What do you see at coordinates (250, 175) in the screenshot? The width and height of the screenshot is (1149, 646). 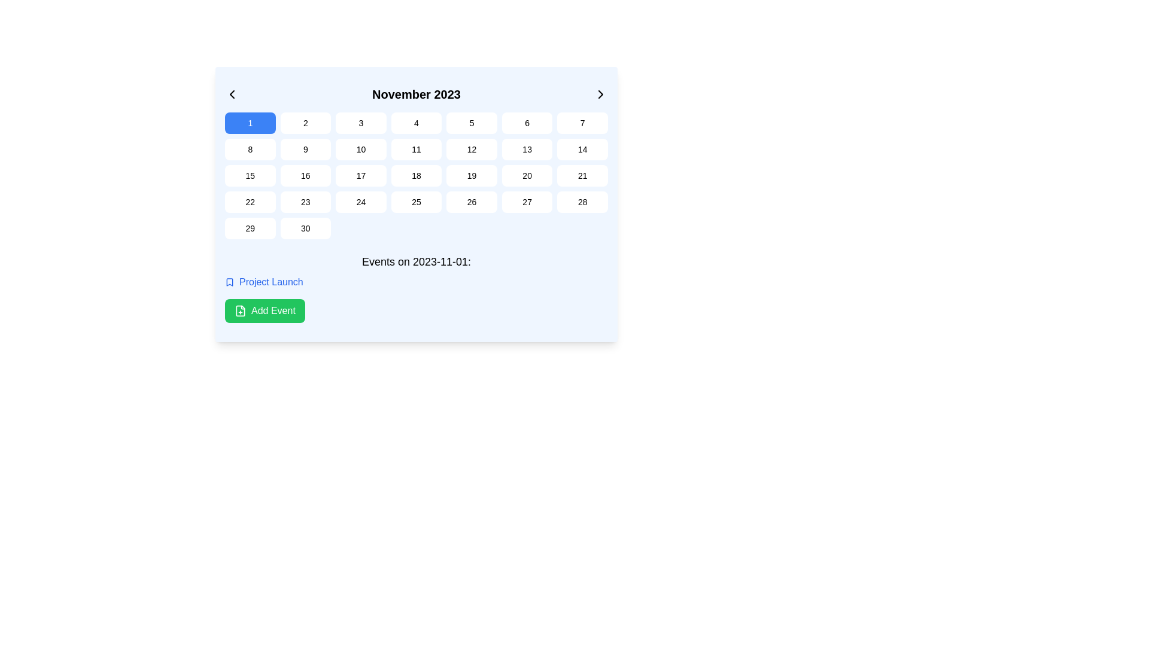 I see `the selectable date button representing the 15th day of the month in the calendar widget` at bounding box center [250, 175].